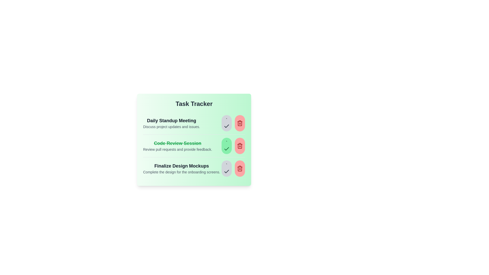 The width and height of the screenshot is (489, 275). What do you see at coordinates (239, 123) in the screenshot?
I see `the delete button for the task identified by Daily Standup Meeting` at bounding box center [239, 123].